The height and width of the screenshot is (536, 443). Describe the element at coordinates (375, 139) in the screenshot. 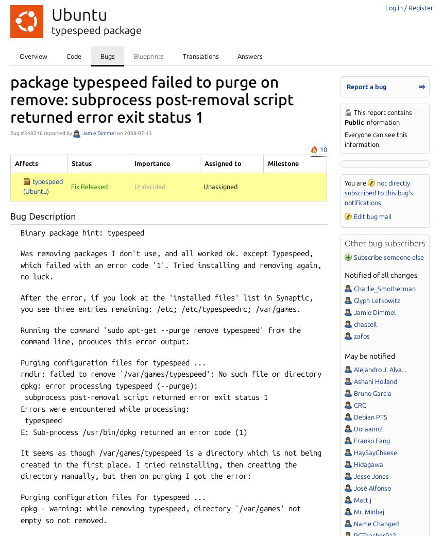

I see `'Everyone can see this information.'` at that location.